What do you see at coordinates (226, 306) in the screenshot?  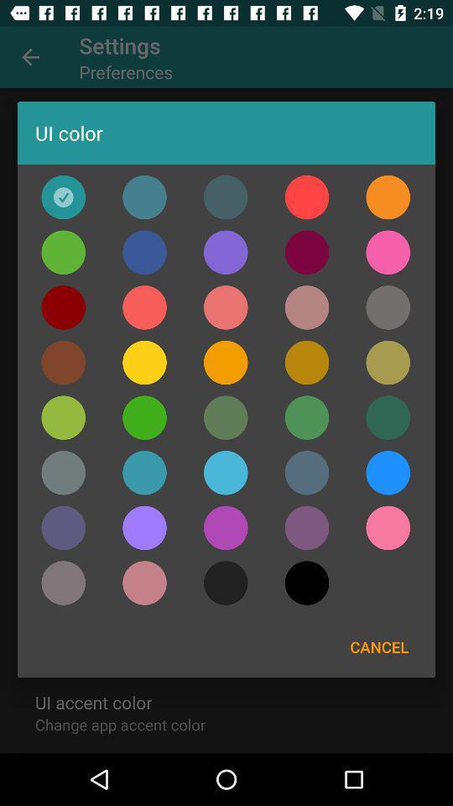 I see `choose the colour` at bounding box center [226, 306].